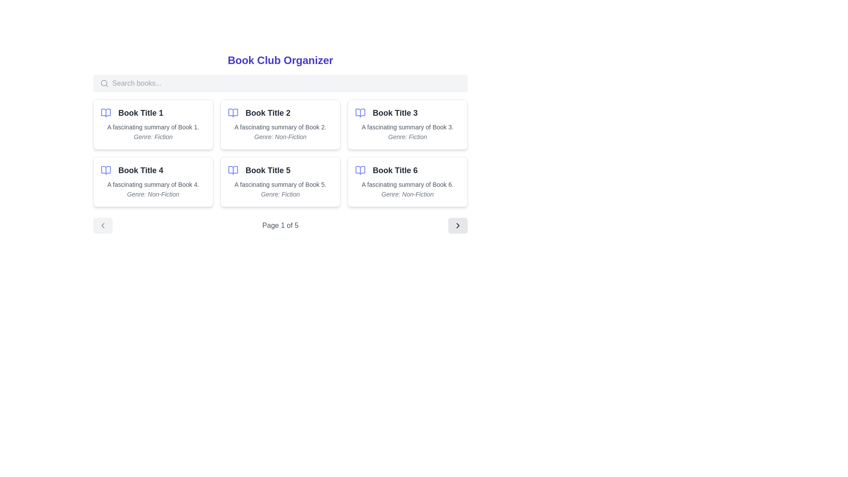  What do you see at coordinates (267, 112) in the screenshot?
I see `the text label displaying 'Book Title 2' which is styled in bold and larger font in dark gray, located in the second column of the top row in a two-row grid` at bounding box center [267, 112].